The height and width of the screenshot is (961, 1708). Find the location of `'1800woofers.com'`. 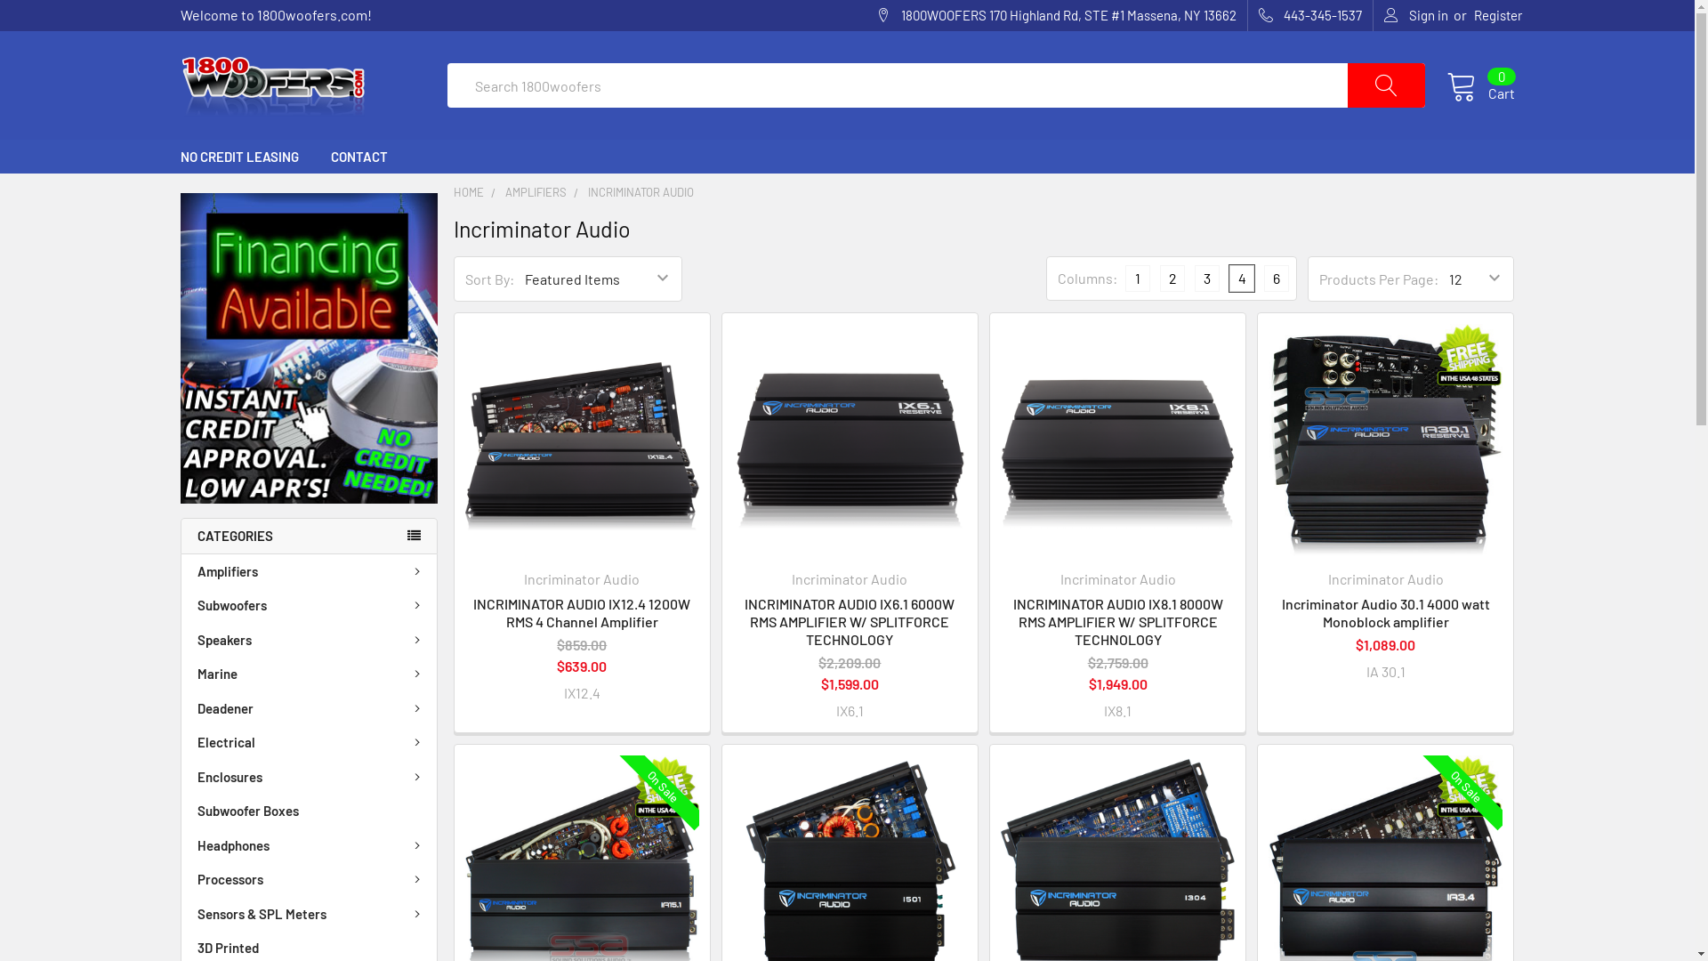

'1800woofers.com' is located at coordinates (271, 85).